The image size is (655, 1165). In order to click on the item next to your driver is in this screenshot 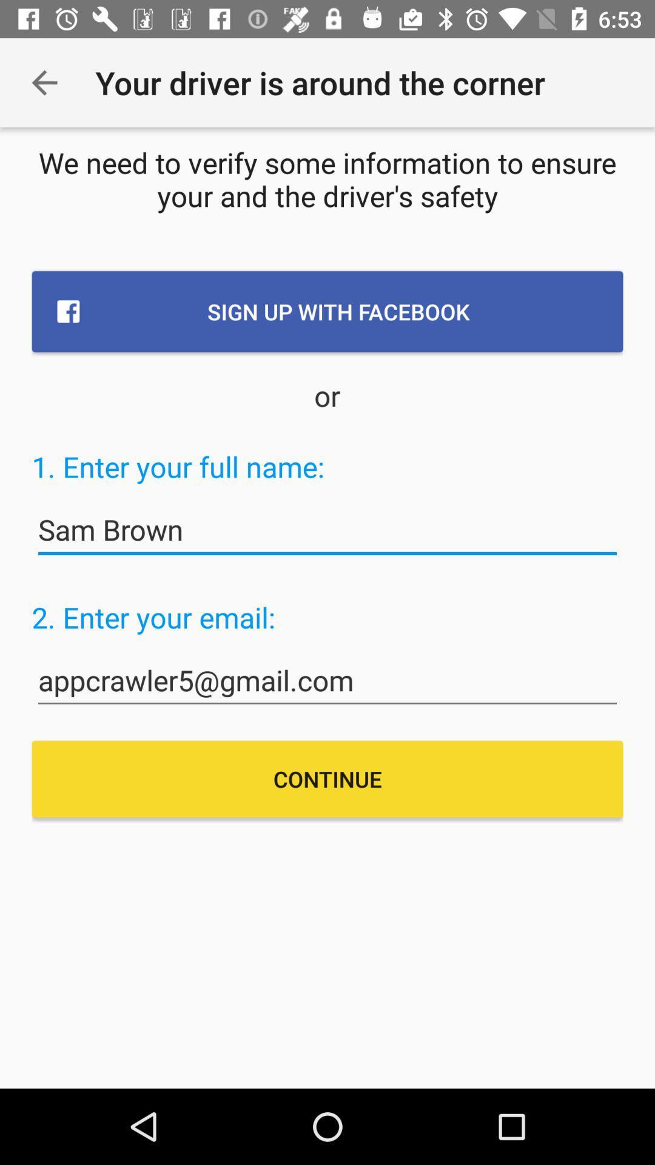, I will do `click(44, 82)`.